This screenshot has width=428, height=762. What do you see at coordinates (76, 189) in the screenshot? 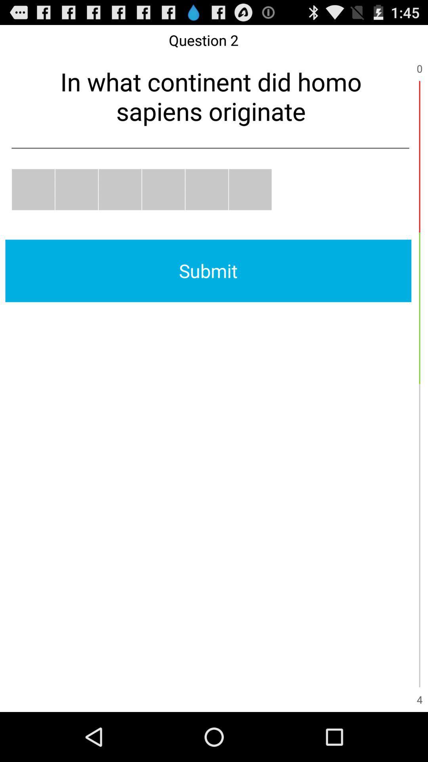
I see `choose second option` at bounding box center [76, 189].